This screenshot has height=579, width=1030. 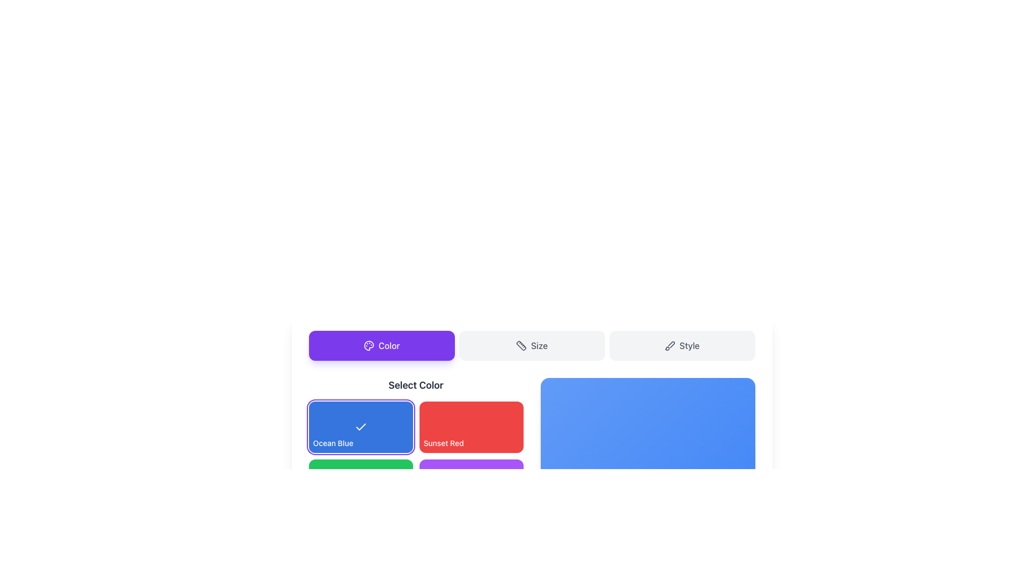 What do you see at coordinates (669, 345) in the screenshot?
I see `the 'Style' icon located inside the 'Style' button, which is the third item in the top navigation bar, positioned towards the left side of the button` at bounding box center [669, 345].